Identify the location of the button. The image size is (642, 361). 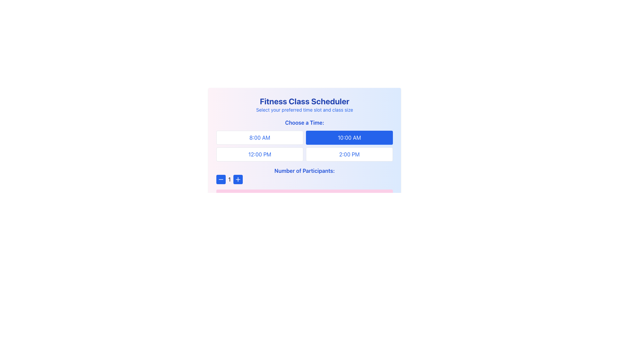
(259, 154).